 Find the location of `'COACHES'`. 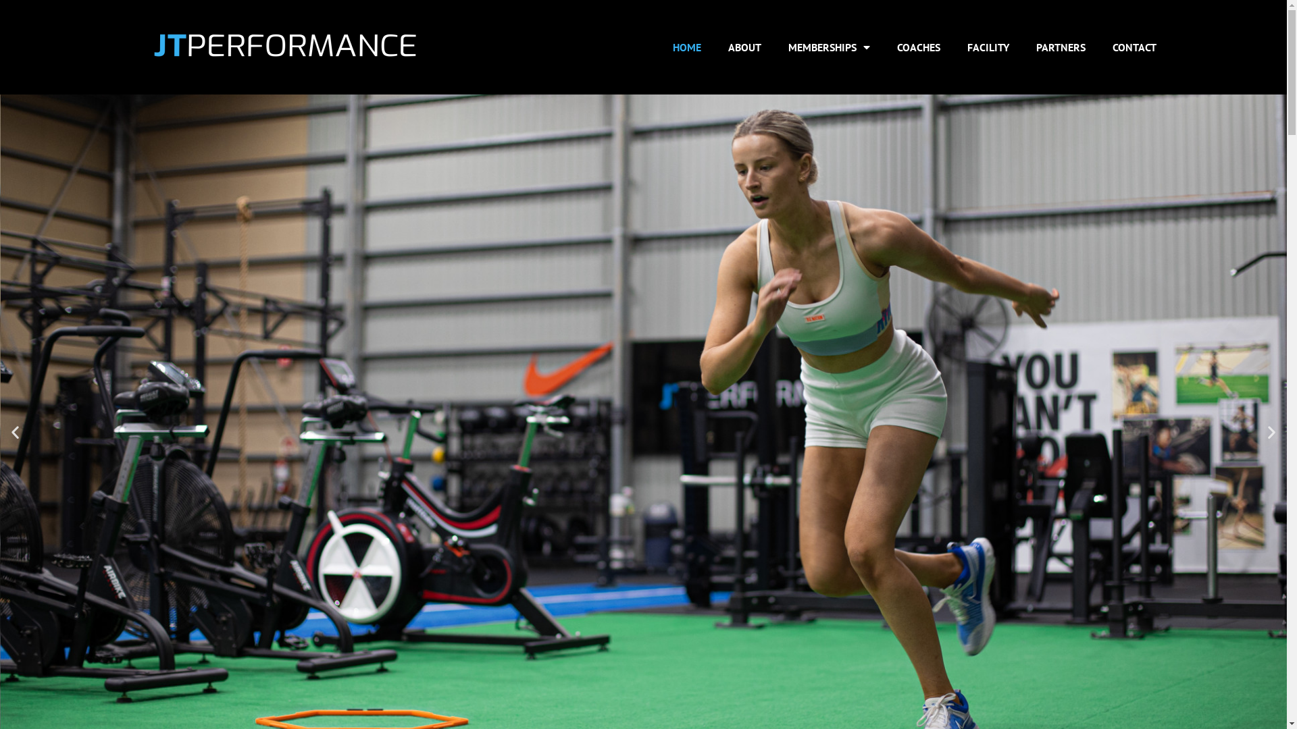

'COACHES' is located at coordinates (918, 46).